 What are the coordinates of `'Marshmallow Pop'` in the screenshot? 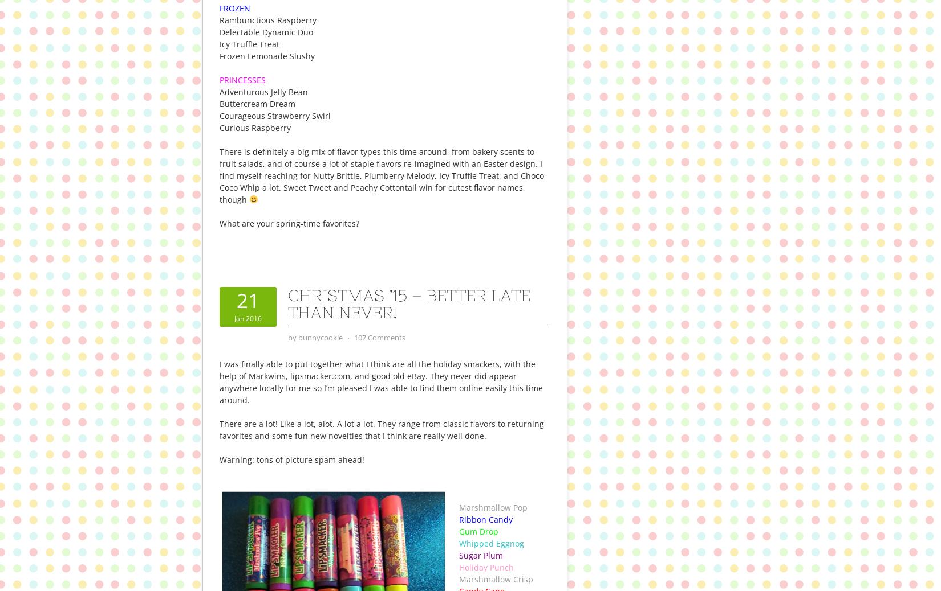 It's located at (493, 507).